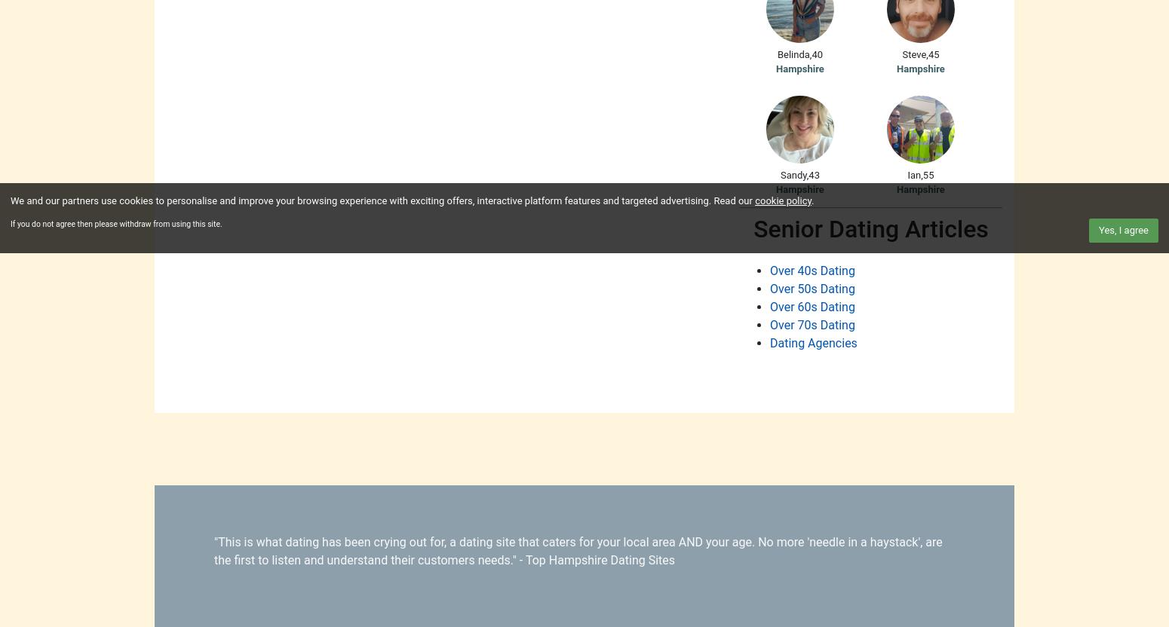 This screenshot has width=1169, height=627. What do you see at coordinates (928, 174) in the screenshot?
I see `'55'` at bounding box center [928, 174].